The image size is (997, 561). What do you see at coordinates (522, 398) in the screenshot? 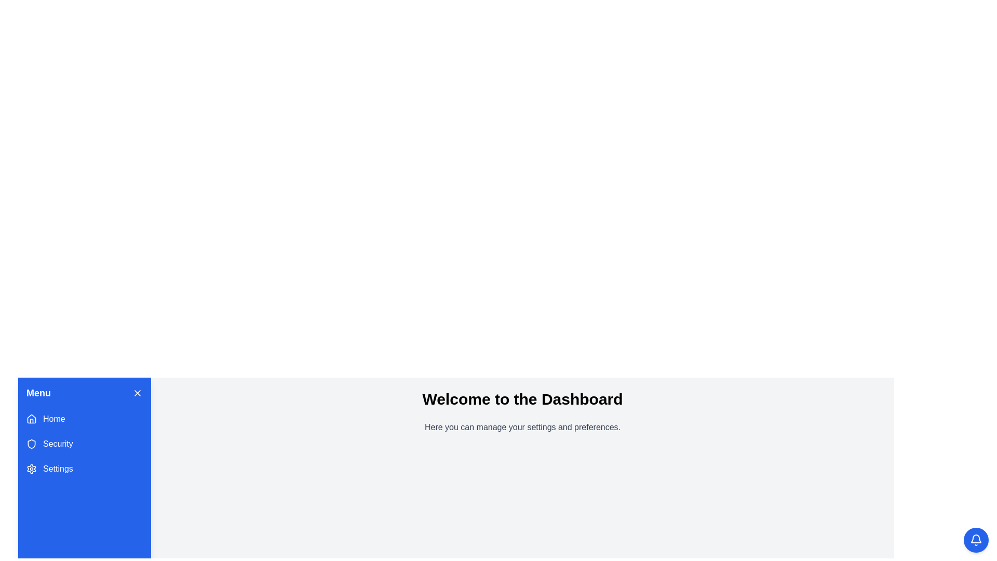
I see `the bold, large-sized text header that reads 'Welcome to the Dashboard', which is prominently displayed at the top of the content section with a light gray background` at bounding box center [522, 398].